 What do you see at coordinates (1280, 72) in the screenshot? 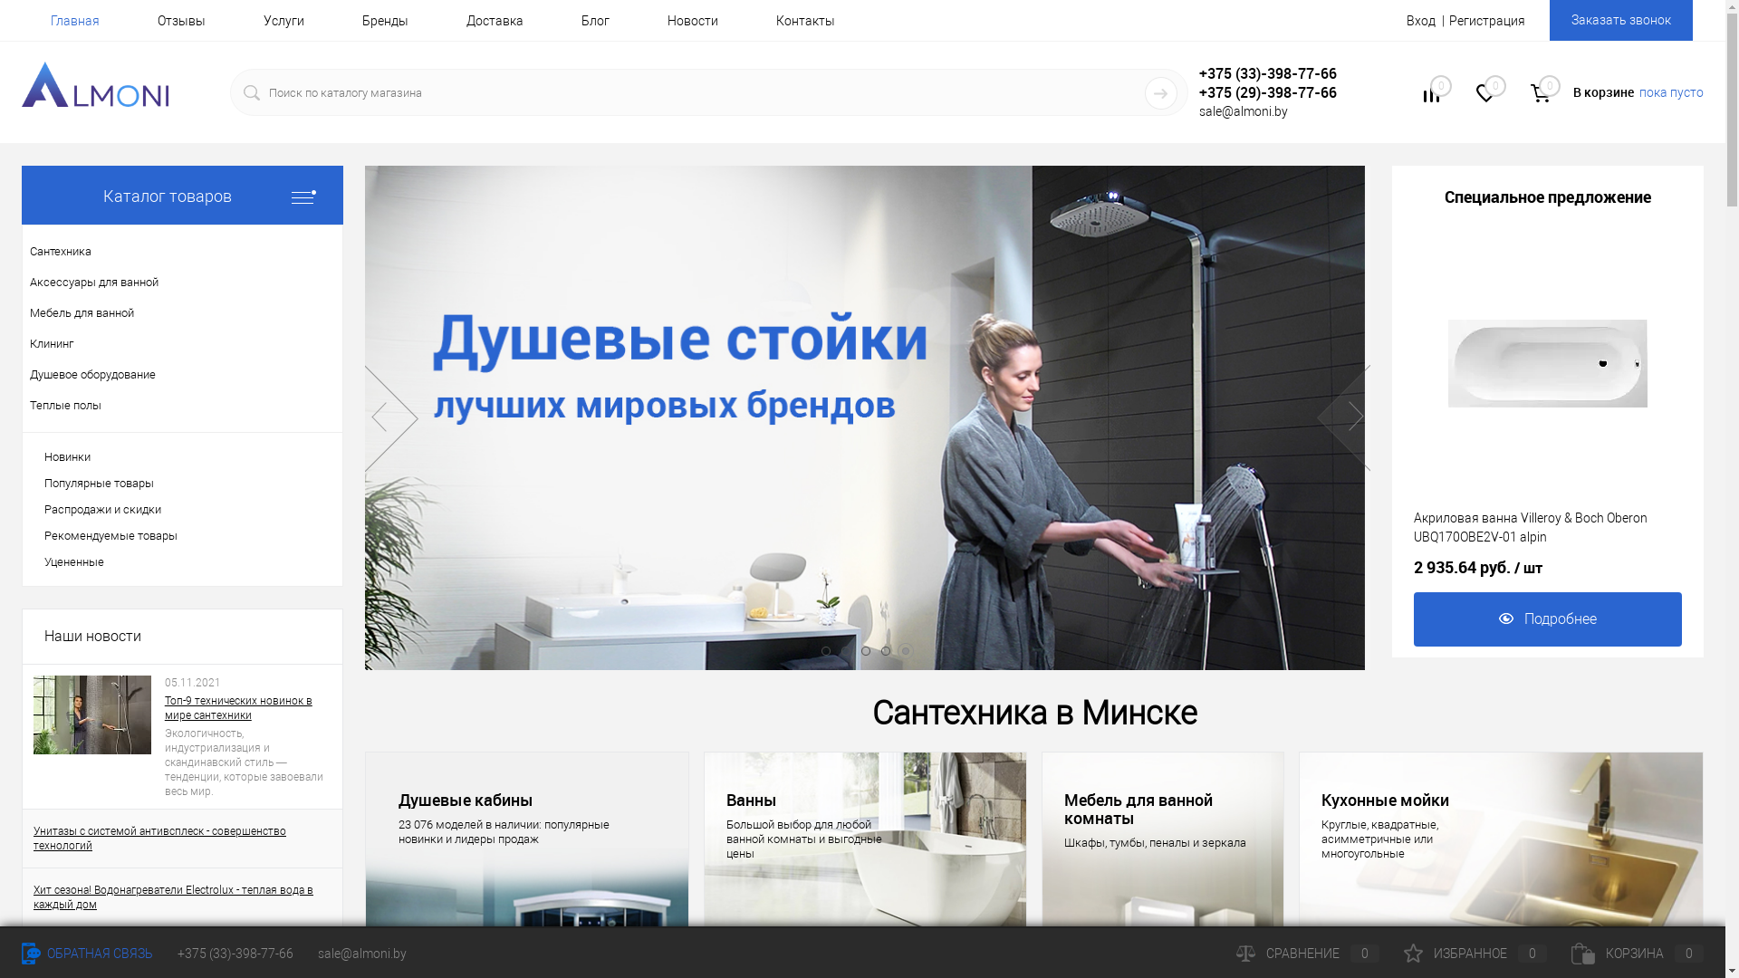
I see `'+375 (33)-398-77-66'` at bounding box center [1280, 72].